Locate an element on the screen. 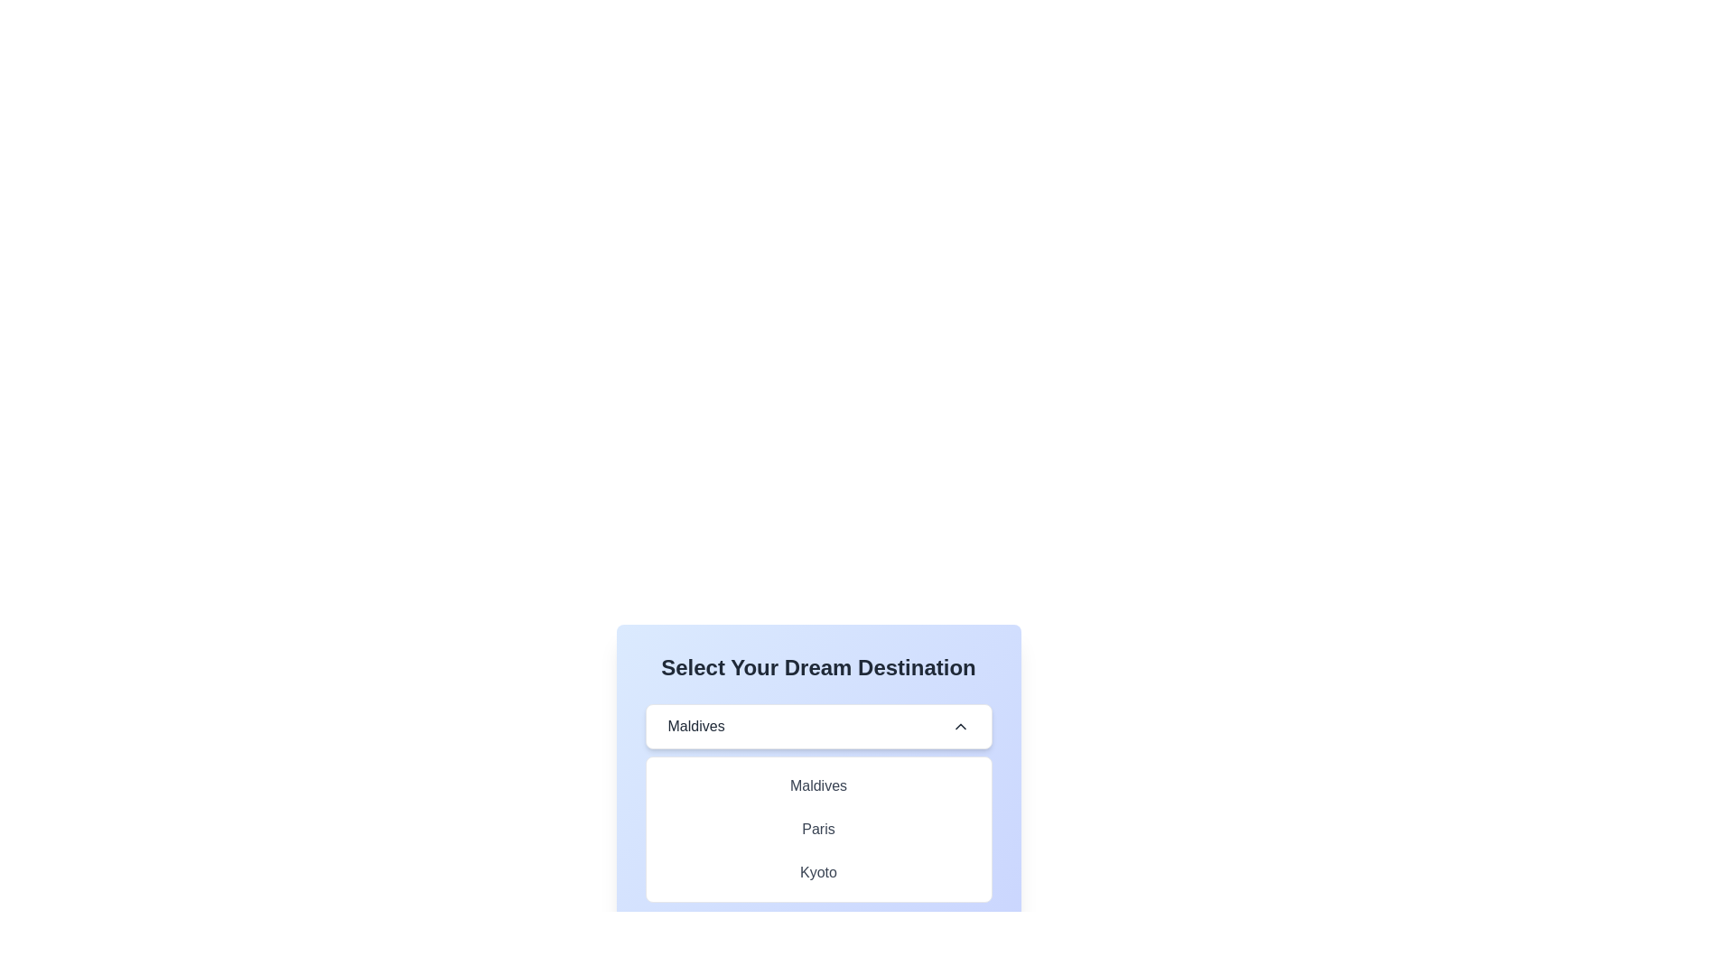  the chevron icon located in the rightmost section of the 'Maldives' box is located at coordinates (959, 726).